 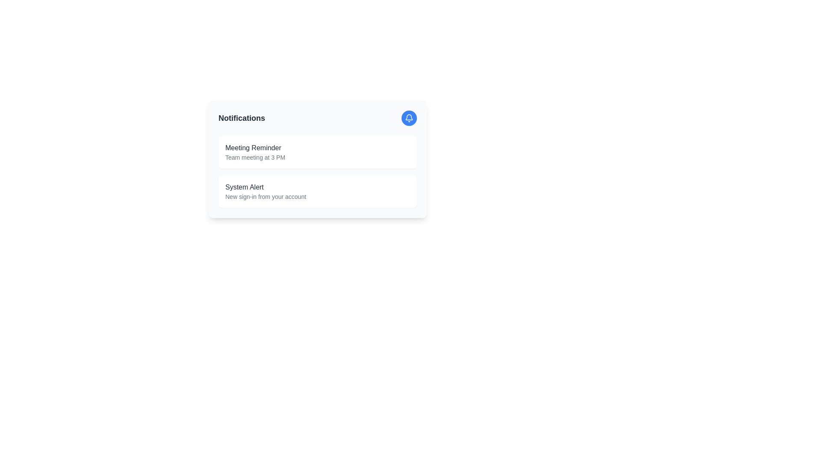 I want to click on text label displaying 'Team meeting at 3 PM', which is a small-sized, left-aligned, gray-colored font located beneath 'Meeting Reminder', so click(x=255, y=158).